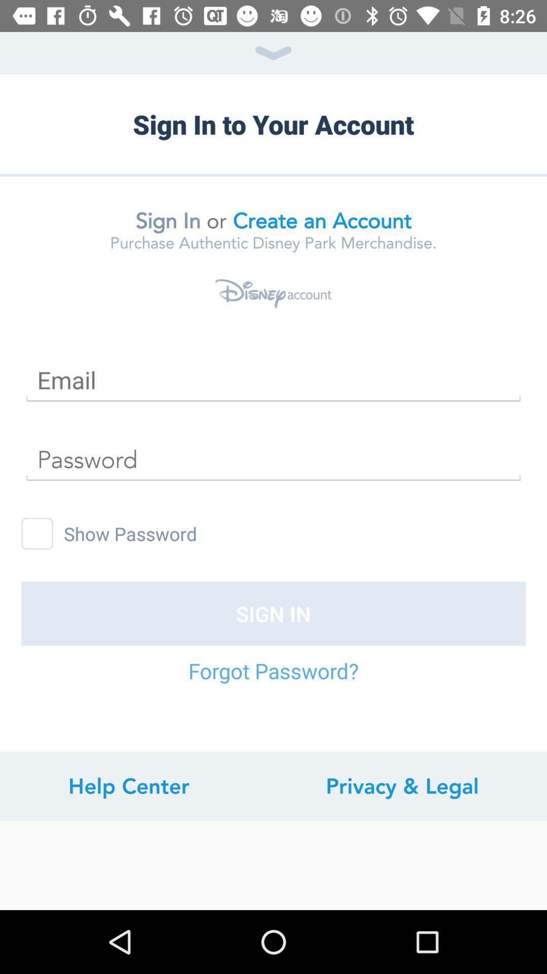 The height and width of the screenshot is (974, 547). Describe the element at coordinates (36, 533) in the screenshot. I see `the item above sign in icon` at that location.